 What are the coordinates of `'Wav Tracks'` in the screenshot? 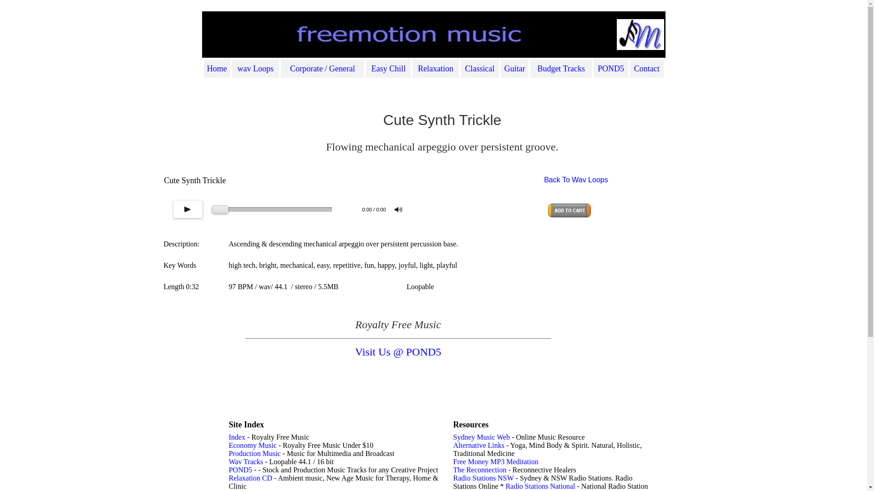 It's located at (245, 461).